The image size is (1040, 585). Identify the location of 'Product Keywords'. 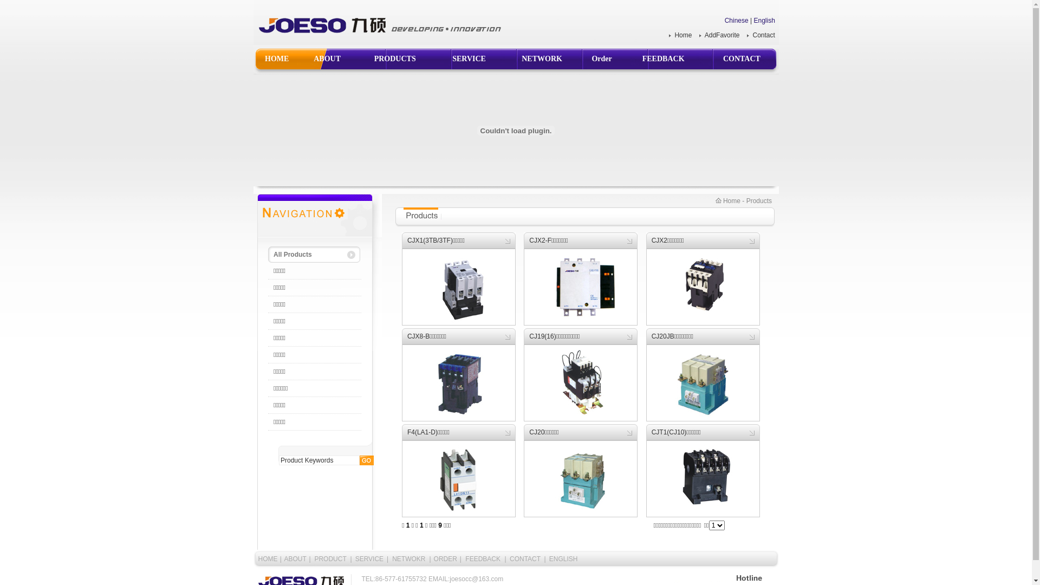
(278, 460).